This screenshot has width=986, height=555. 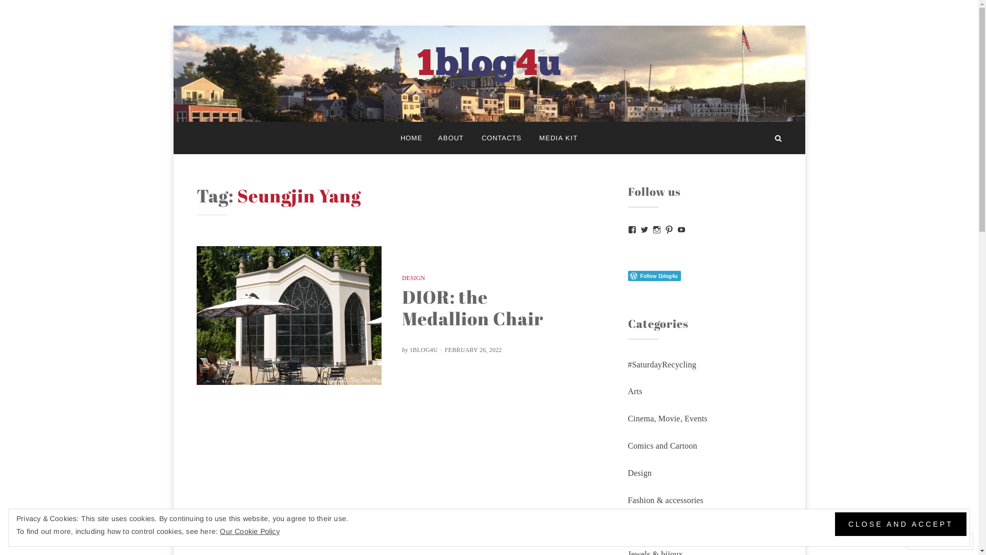 What do you see at coordinates (639, 473) in the screenshot?
I see `'Design'` at bounding box center [639, 473].